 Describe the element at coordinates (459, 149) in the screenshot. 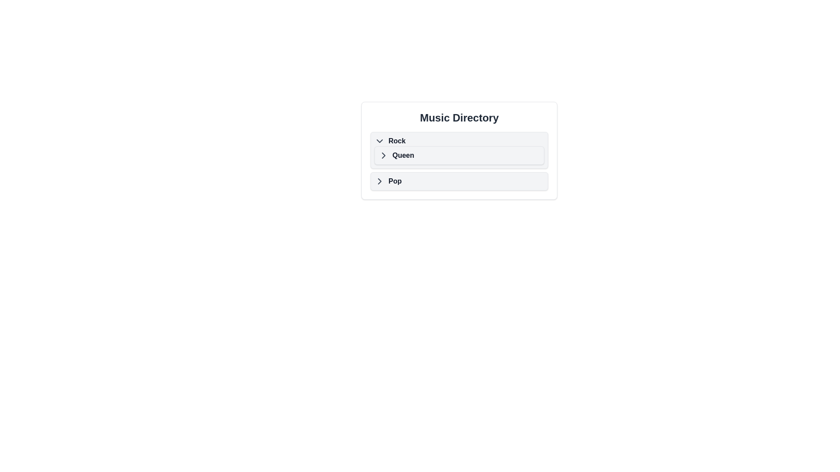

I see `the list item labeled 'Queen' which is the second item under the 'Rock' category for keyboard navigation` at that location.